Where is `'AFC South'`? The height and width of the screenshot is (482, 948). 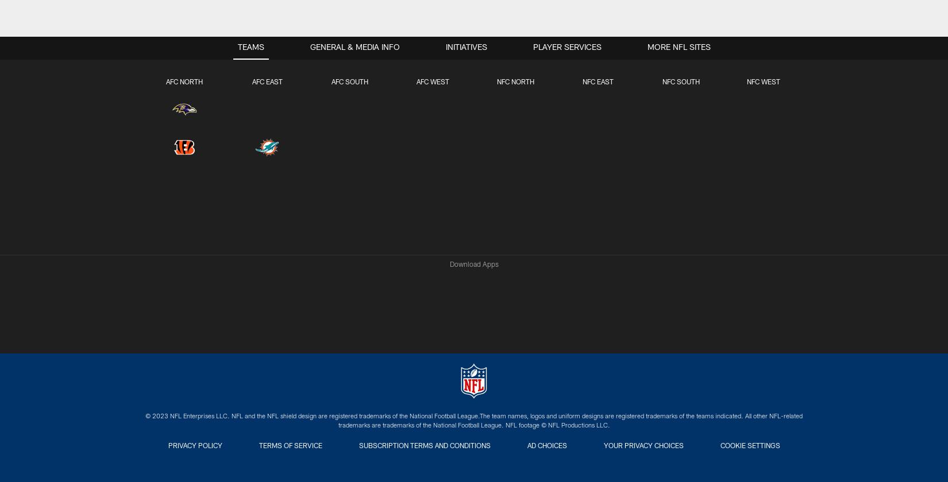 'AFC South' is located at coordinates (331, 82).